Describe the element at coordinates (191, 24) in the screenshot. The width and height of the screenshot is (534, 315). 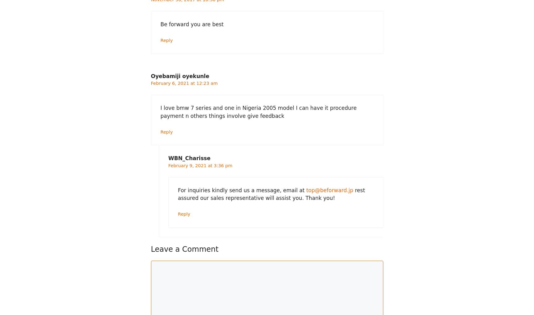
I see `'Be forward you are best'` at that location.